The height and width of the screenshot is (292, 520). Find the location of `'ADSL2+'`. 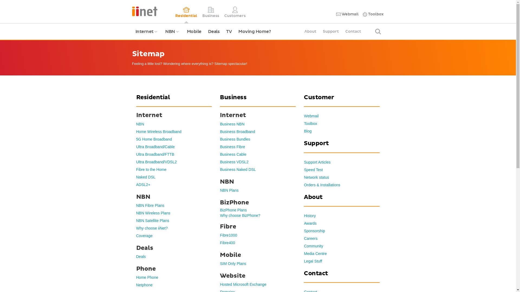

'ADSL2+' is located at coordinates (143, 184).